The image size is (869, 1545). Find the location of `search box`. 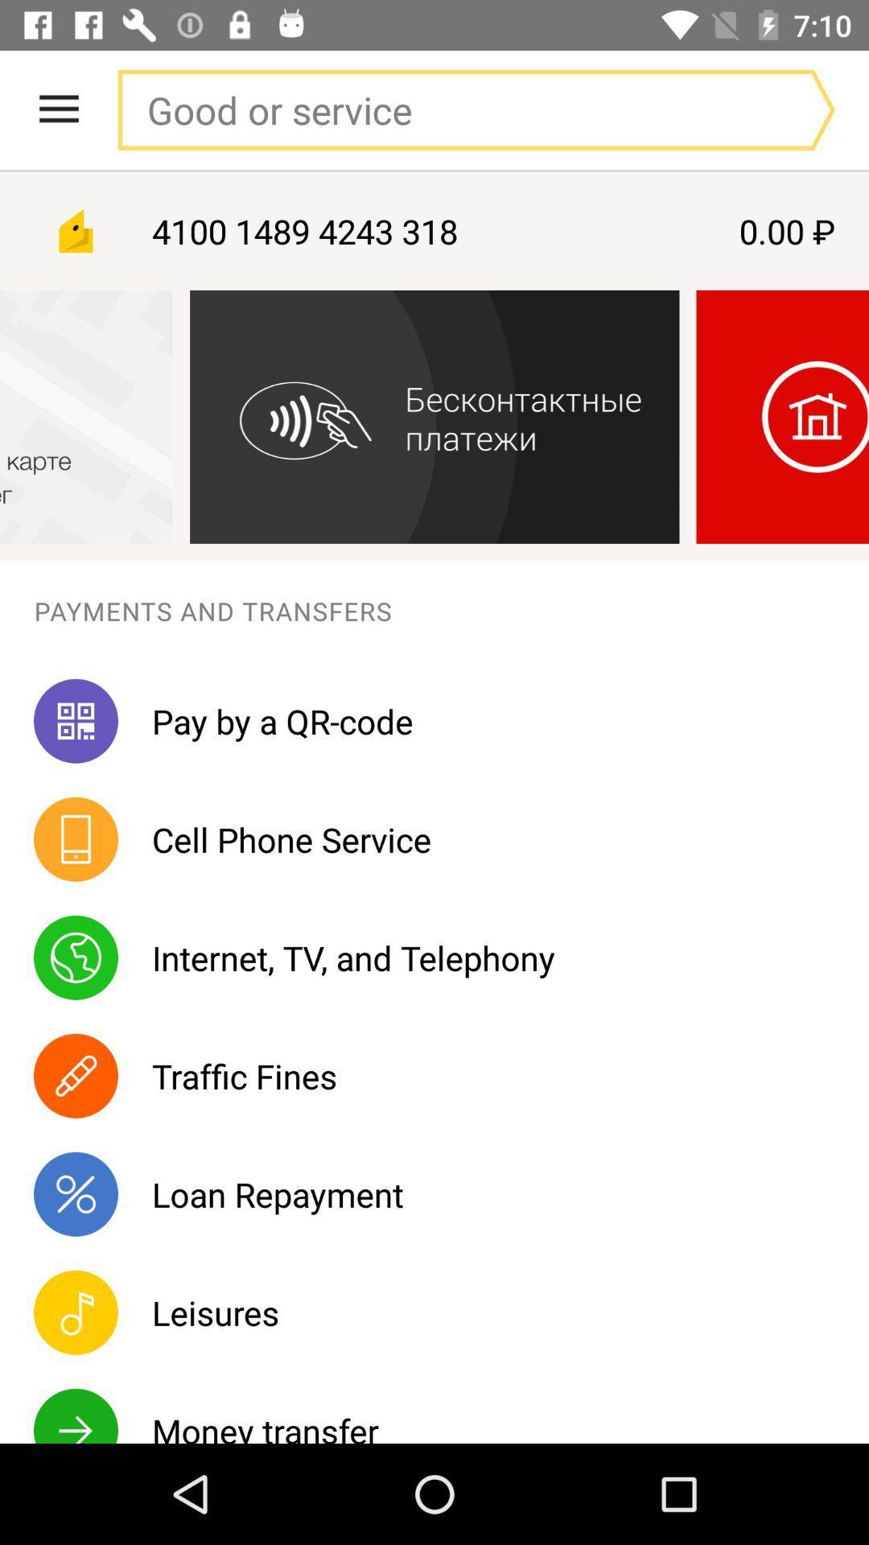

search box is located at coordinates (443, 109).